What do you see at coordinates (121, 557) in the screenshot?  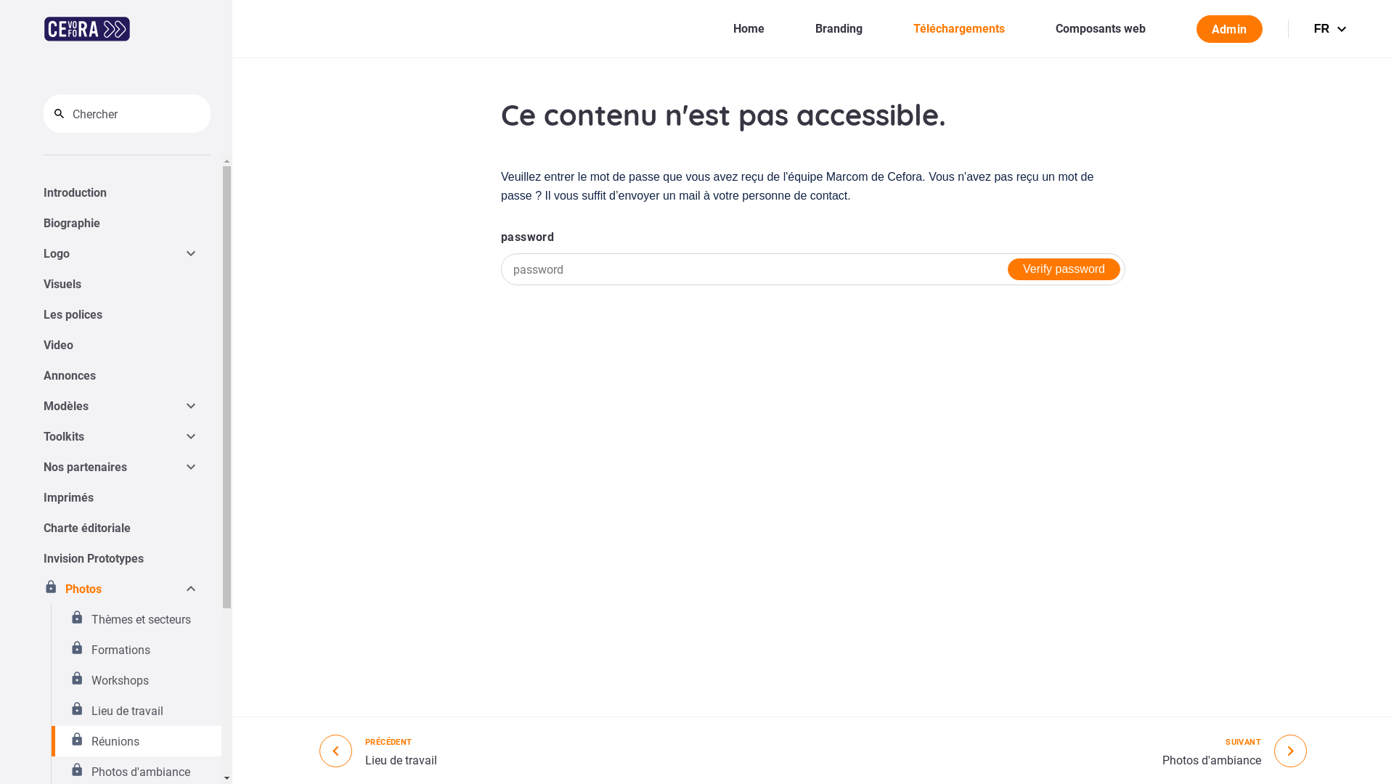 I see `'Invision Prototypes'` at bounding box center [121, 557].